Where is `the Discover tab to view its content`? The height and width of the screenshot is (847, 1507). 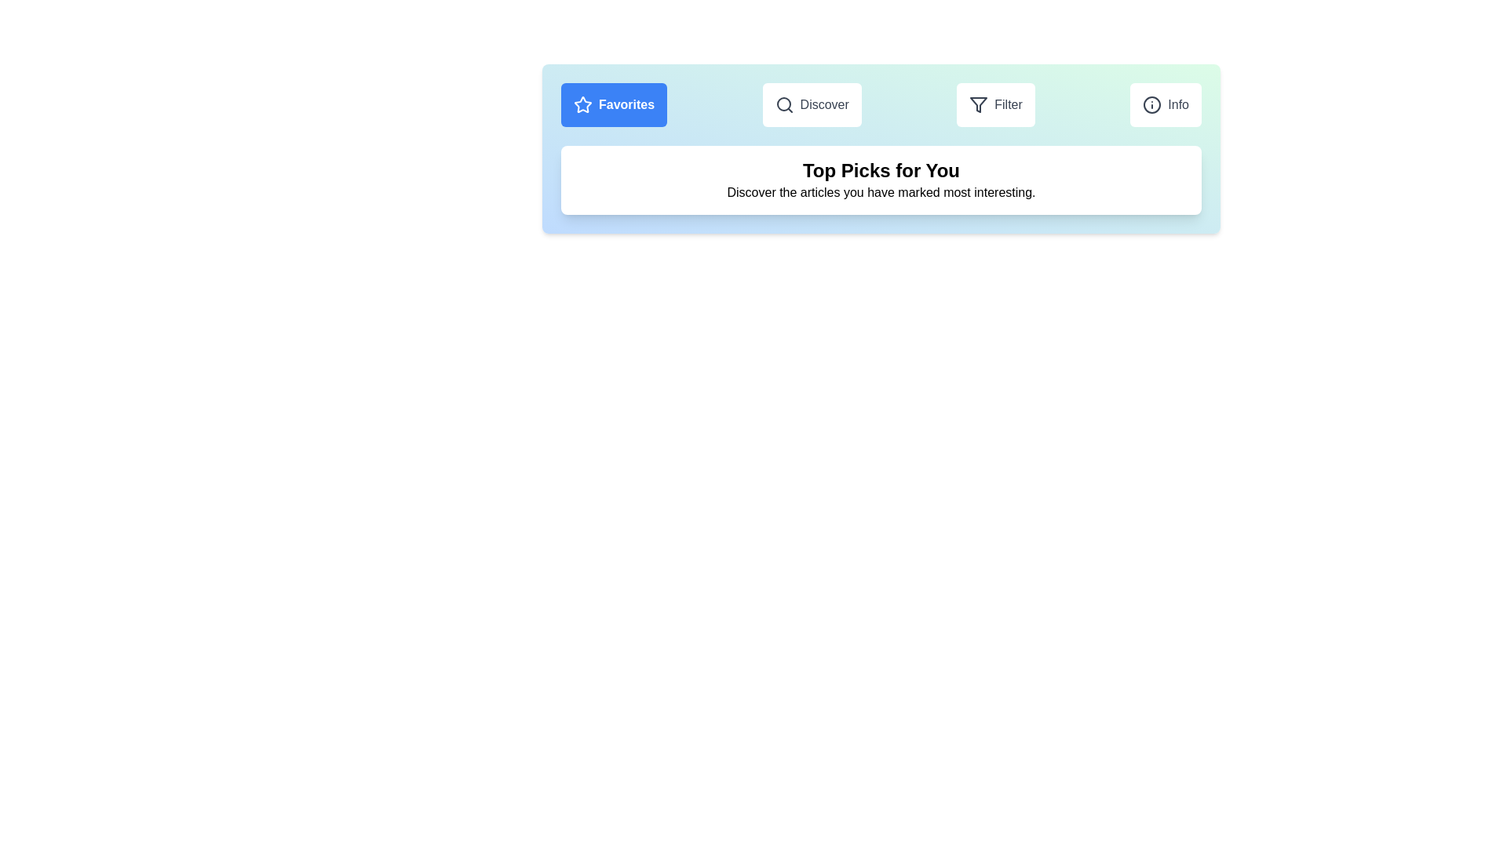 the Discover tab to view its content is located at coordinates (812, 105).